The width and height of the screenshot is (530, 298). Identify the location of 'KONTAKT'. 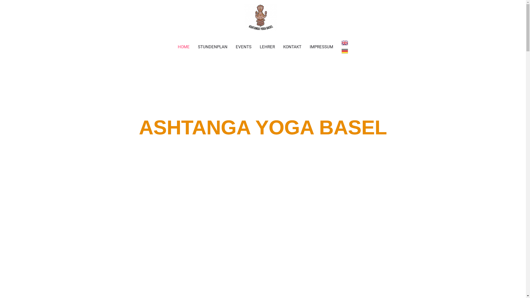
(279, 46).